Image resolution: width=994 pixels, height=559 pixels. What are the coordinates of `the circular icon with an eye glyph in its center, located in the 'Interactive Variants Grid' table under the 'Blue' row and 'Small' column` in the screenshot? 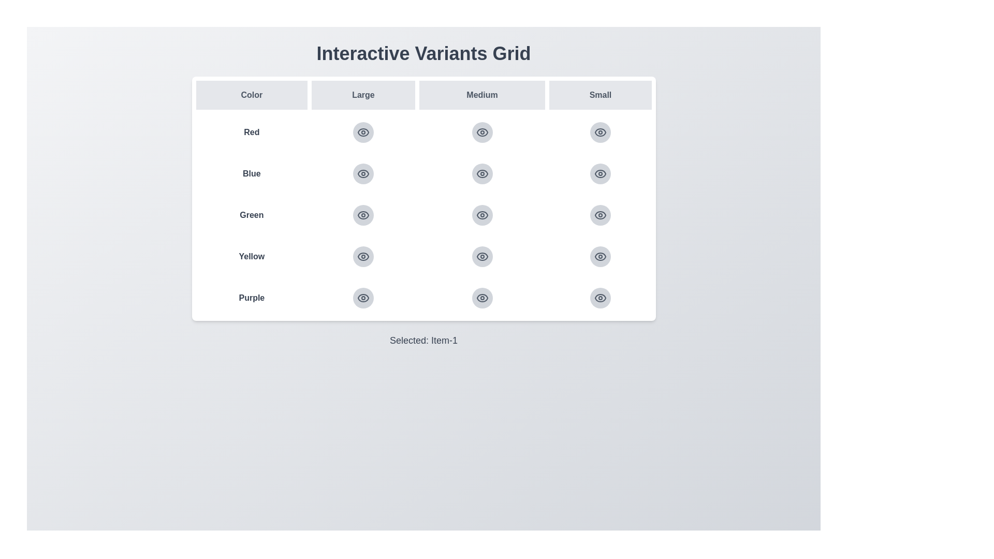 It's located at (601, 173).